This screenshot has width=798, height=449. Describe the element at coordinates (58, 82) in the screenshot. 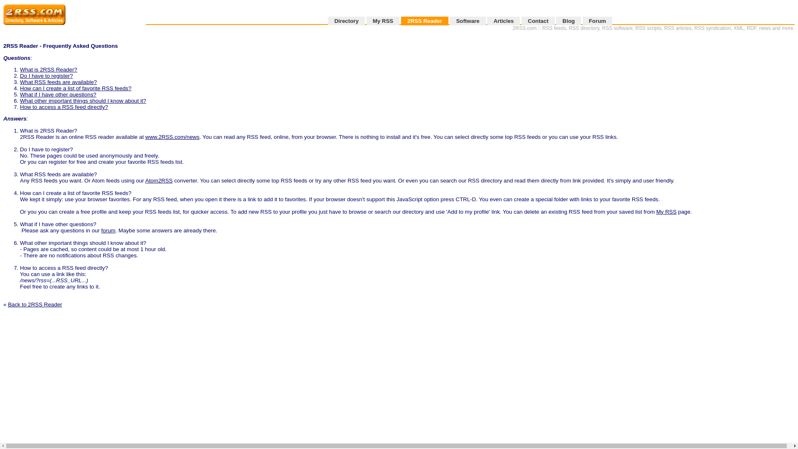

I see `'What RSS feeds are available?'` at that location.